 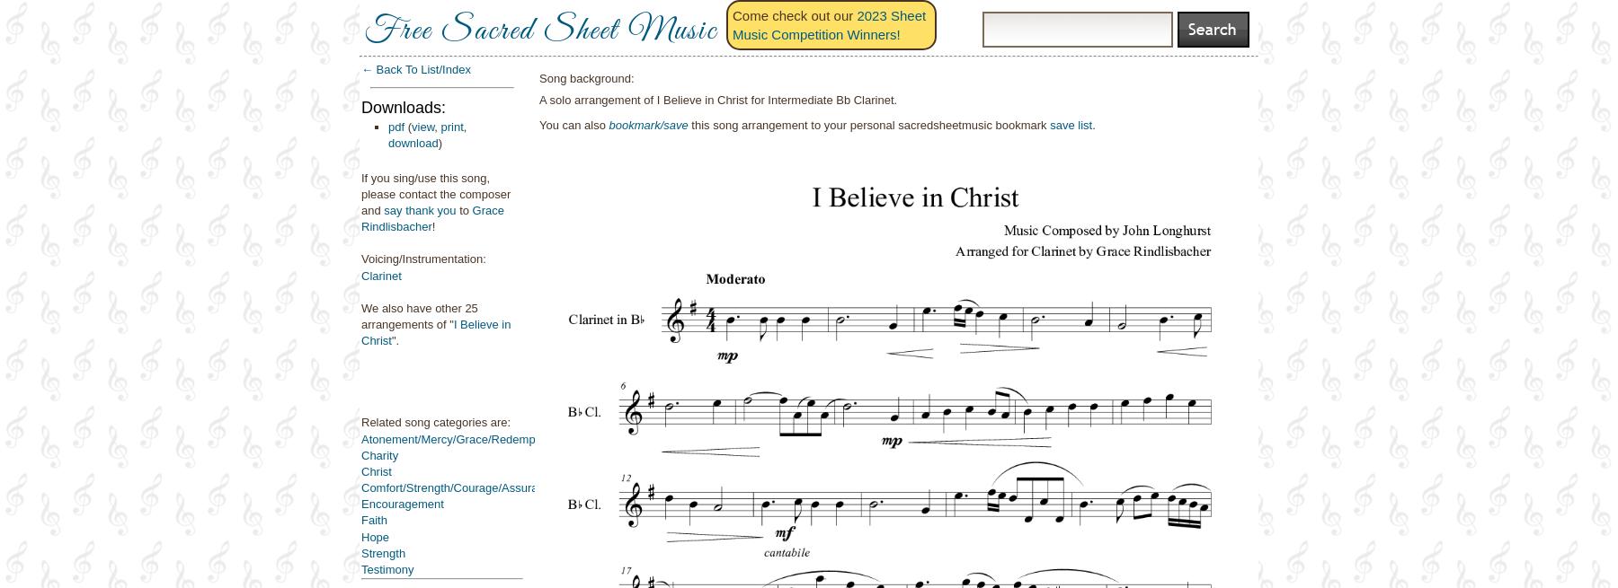 I want to click on 'Comfort/Strength/Courage/Assurance', so click(x=458, y=487).